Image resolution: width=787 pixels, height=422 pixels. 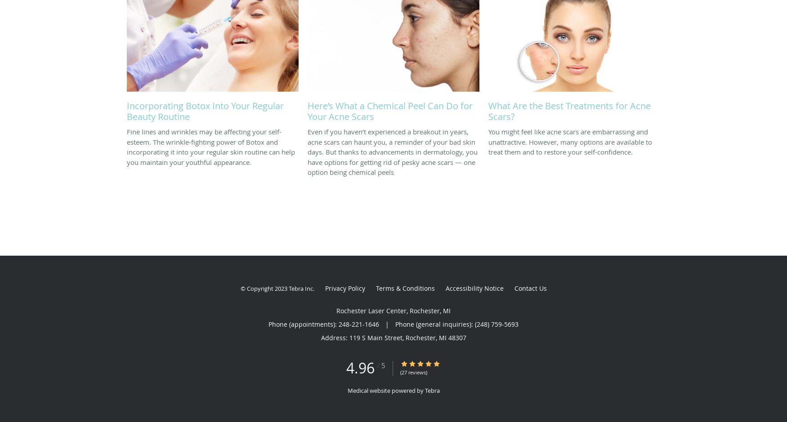 What do you see at coordinates (393, 310) in the screenshot?
I see `'Rochester Laser Center, Rochester, MI'` at bounding box center [393, 310].